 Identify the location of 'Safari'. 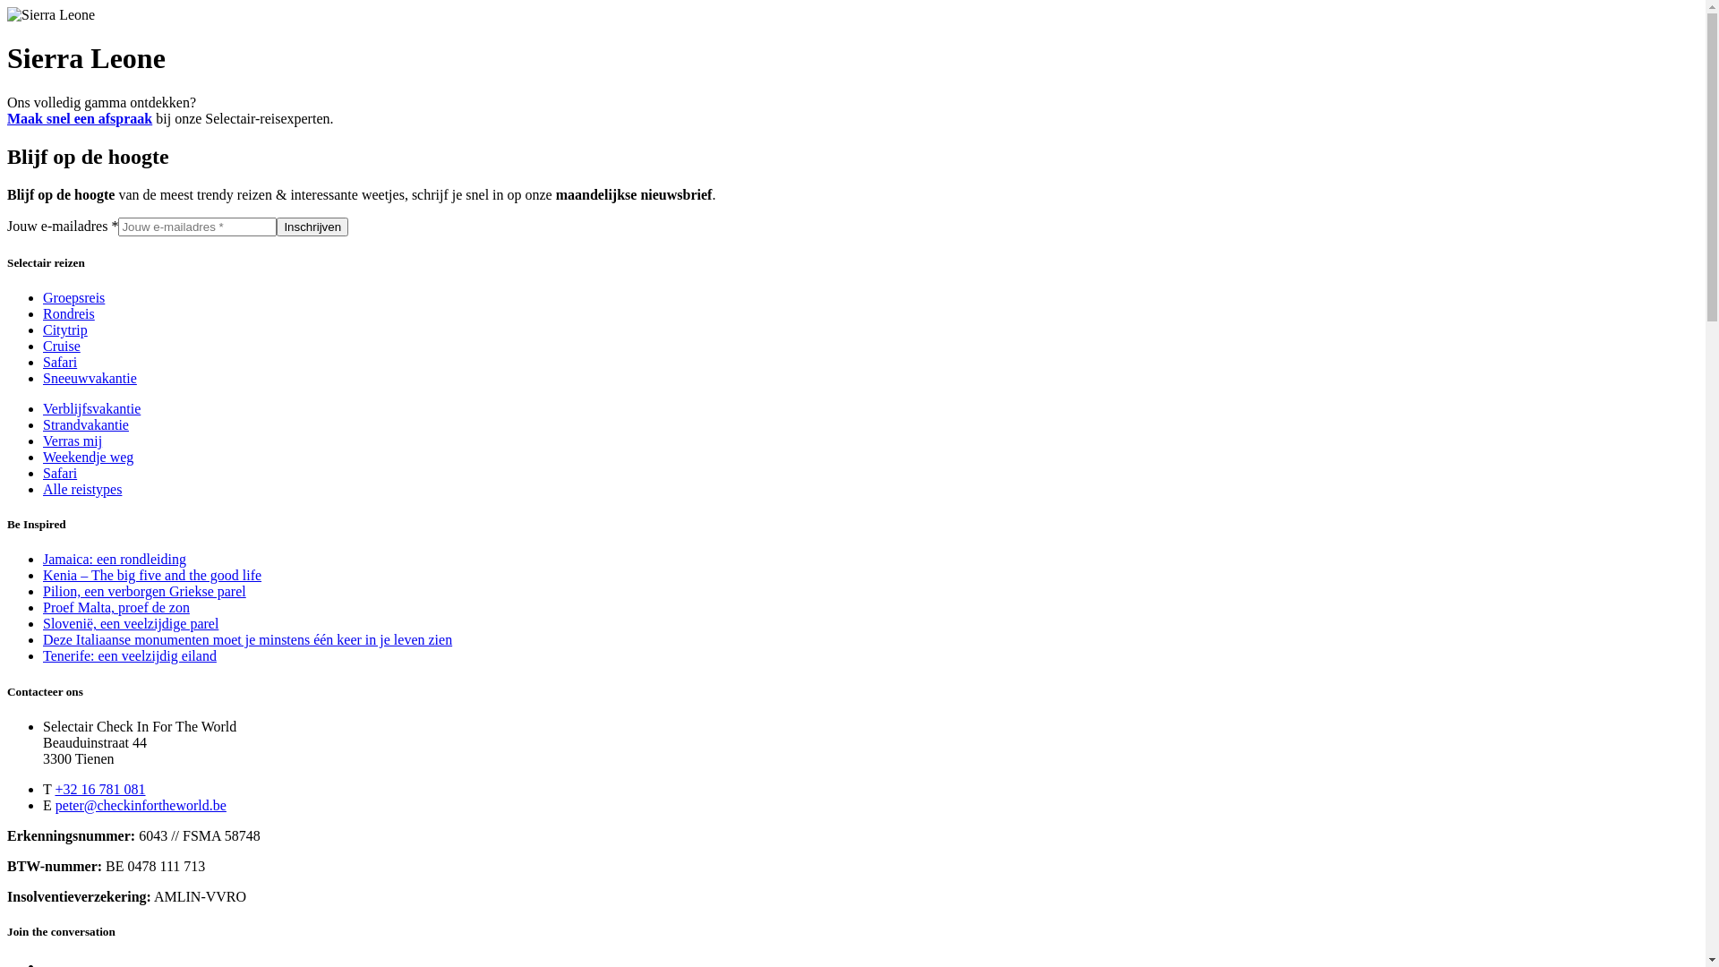
(60, 472).